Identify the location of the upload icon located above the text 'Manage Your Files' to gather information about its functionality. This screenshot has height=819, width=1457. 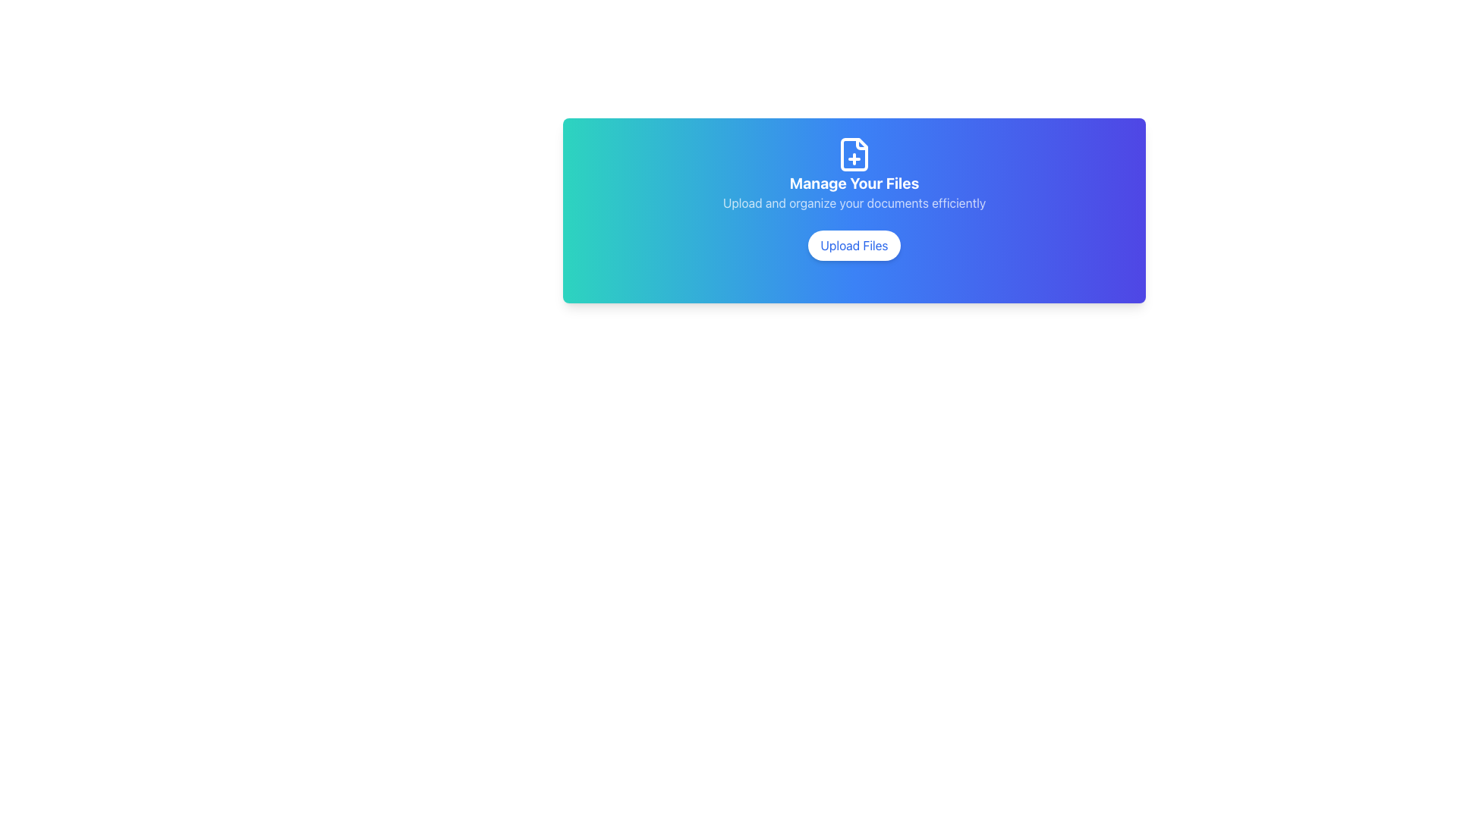
(854, 155).